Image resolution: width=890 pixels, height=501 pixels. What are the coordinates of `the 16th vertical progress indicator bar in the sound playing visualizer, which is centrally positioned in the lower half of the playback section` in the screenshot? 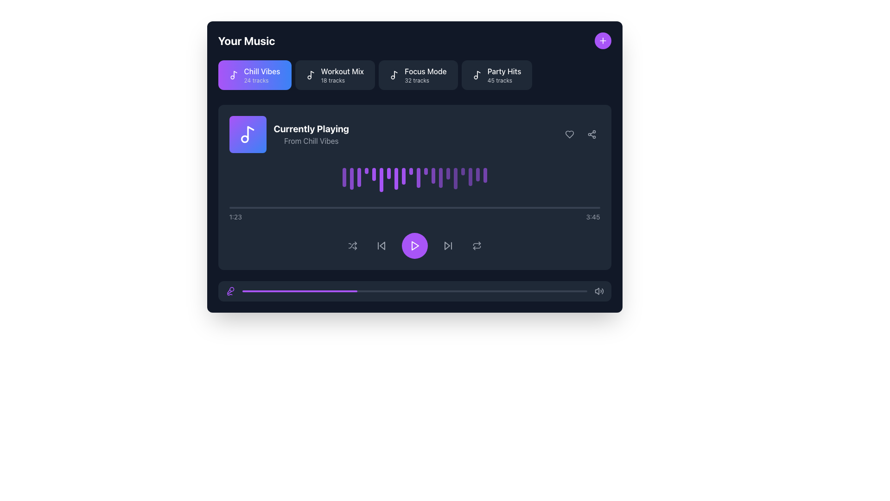 It's located at (455, 179).